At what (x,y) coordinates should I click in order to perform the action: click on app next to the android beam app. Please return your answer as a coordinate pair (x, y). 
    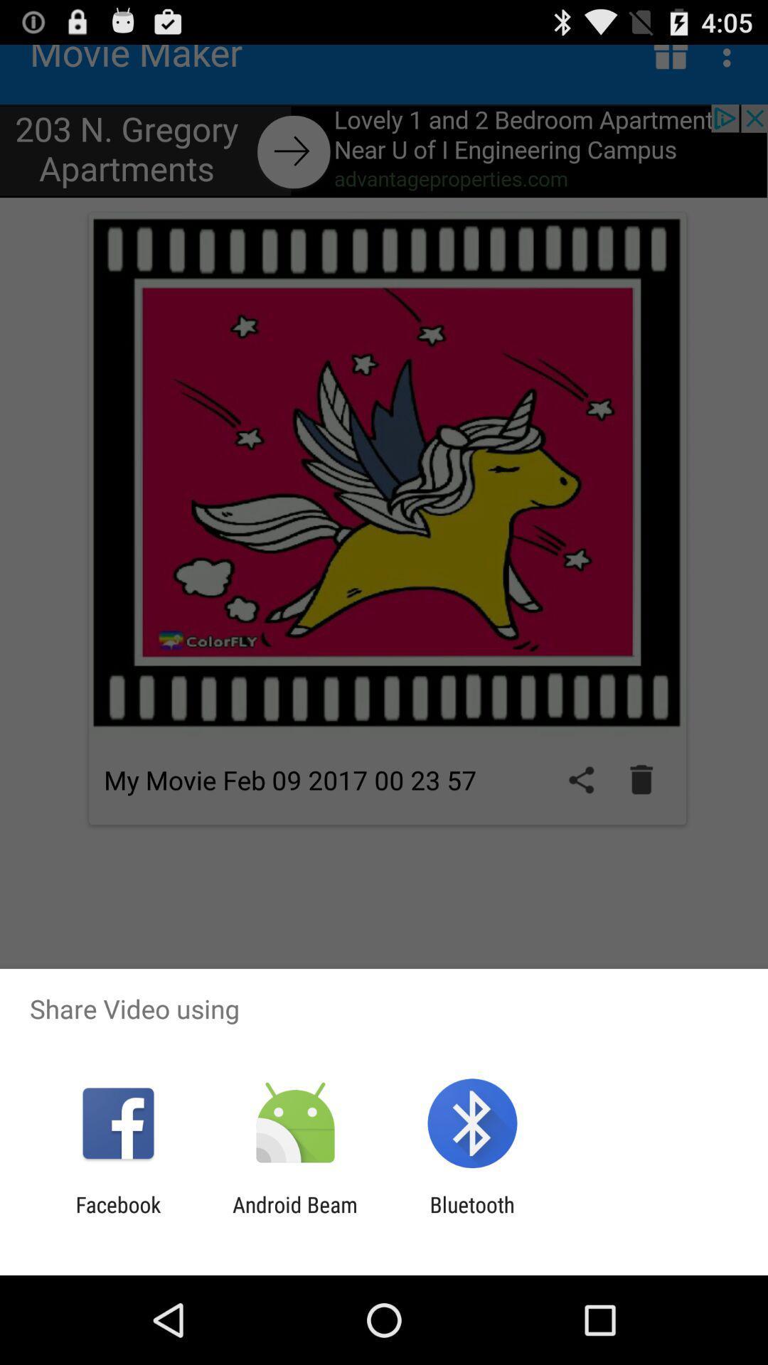
    Looking at the image, I should click on (472, 1216).